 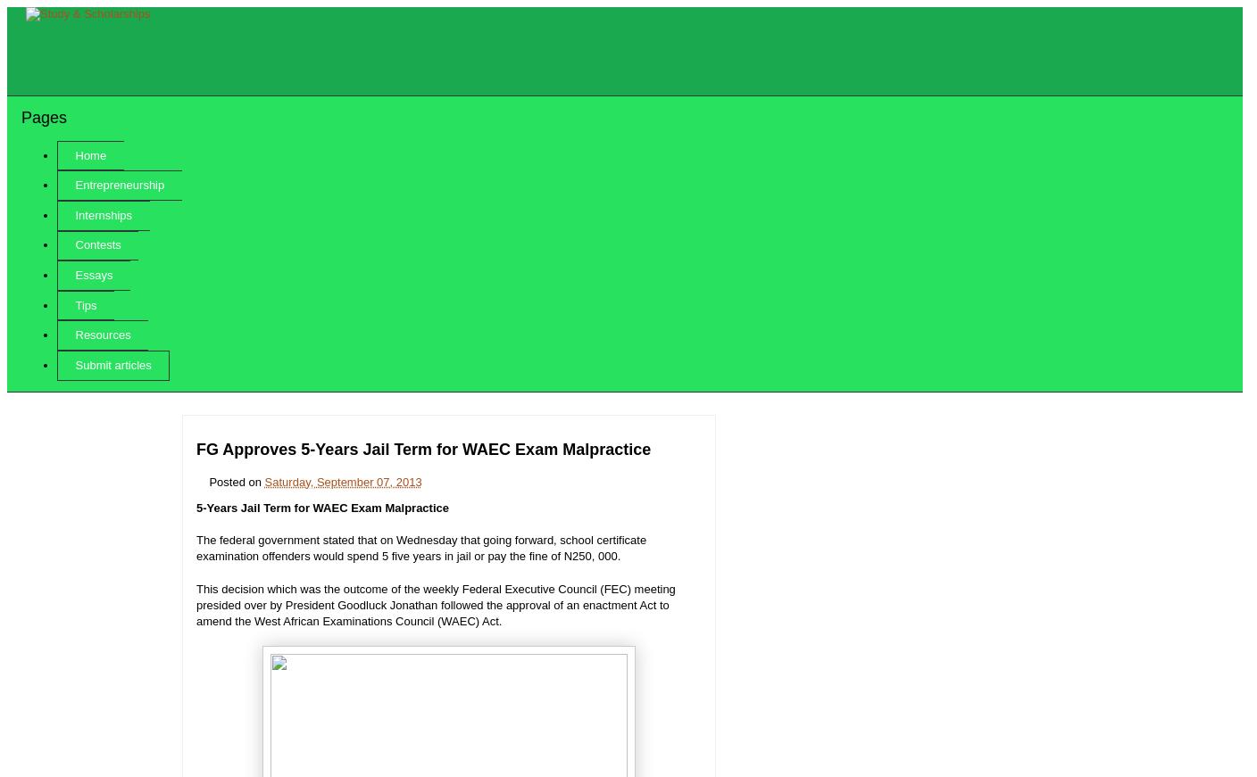 I want to click on 'The federal government stated that on Wednesday that going forward, school certificate examination offenders would spend 5 five years in jail or pay the fine of N250, 000.', so click(x=420, y=547).